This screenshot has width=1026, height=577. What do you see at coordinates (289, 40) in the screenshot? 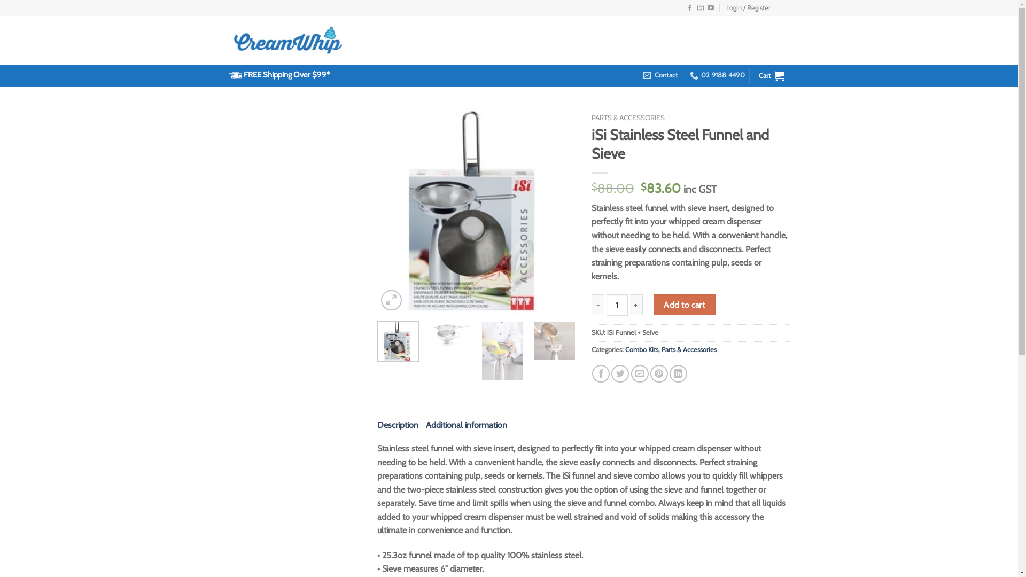
I see `'CreamWhip'` at bounding box center [289, 40].